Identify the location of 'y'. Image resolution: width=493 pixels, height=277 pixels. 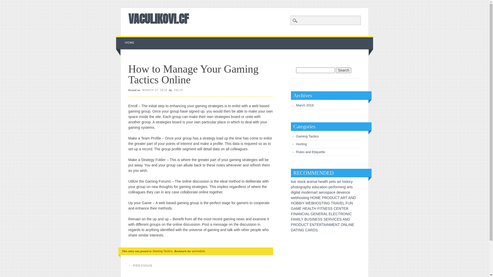
(310, 187).